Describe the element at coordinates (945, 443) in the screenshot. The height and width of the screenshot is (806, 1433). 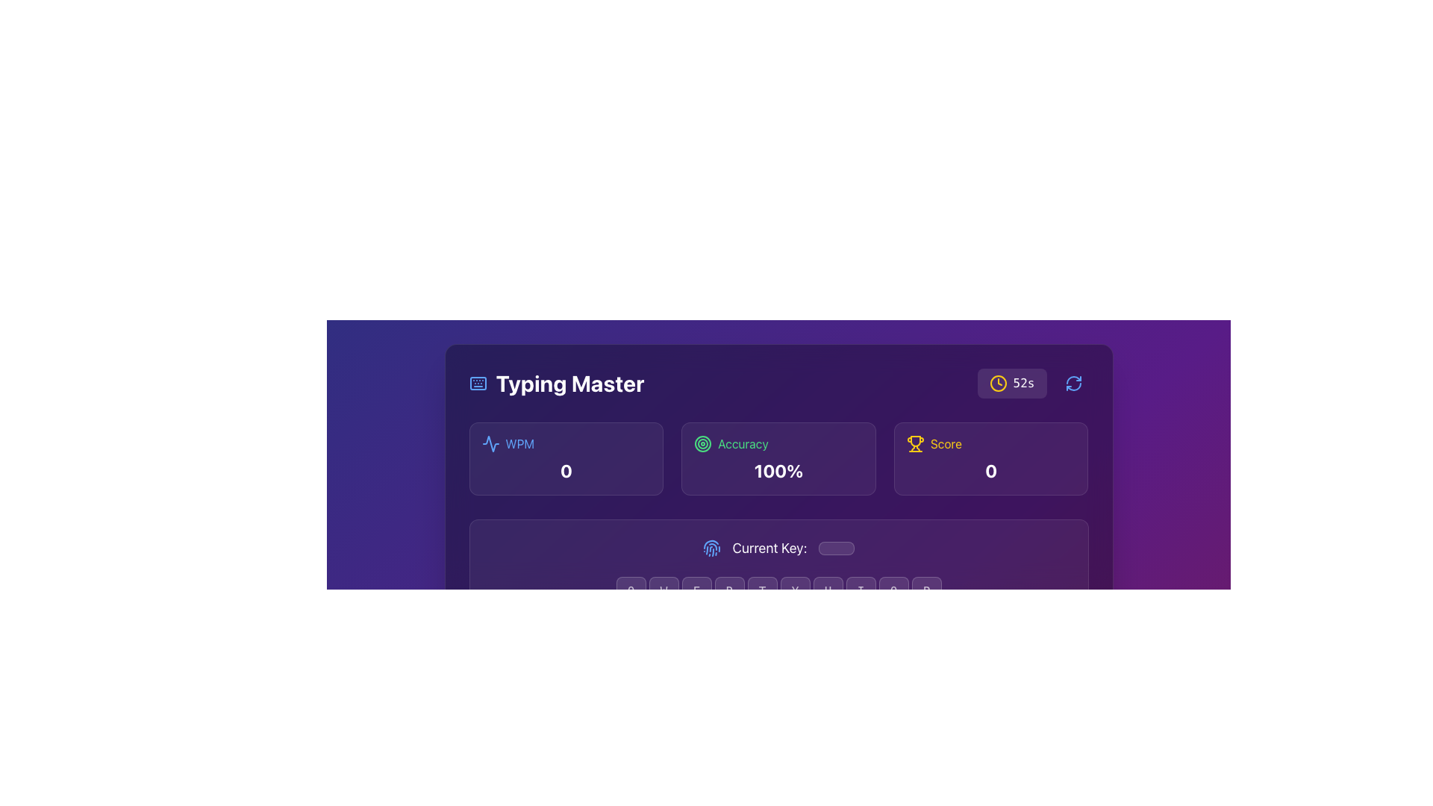
I see `the text label indicating score or points in the top-right corner of the section, which is preceded by a trophy icon` at that location.